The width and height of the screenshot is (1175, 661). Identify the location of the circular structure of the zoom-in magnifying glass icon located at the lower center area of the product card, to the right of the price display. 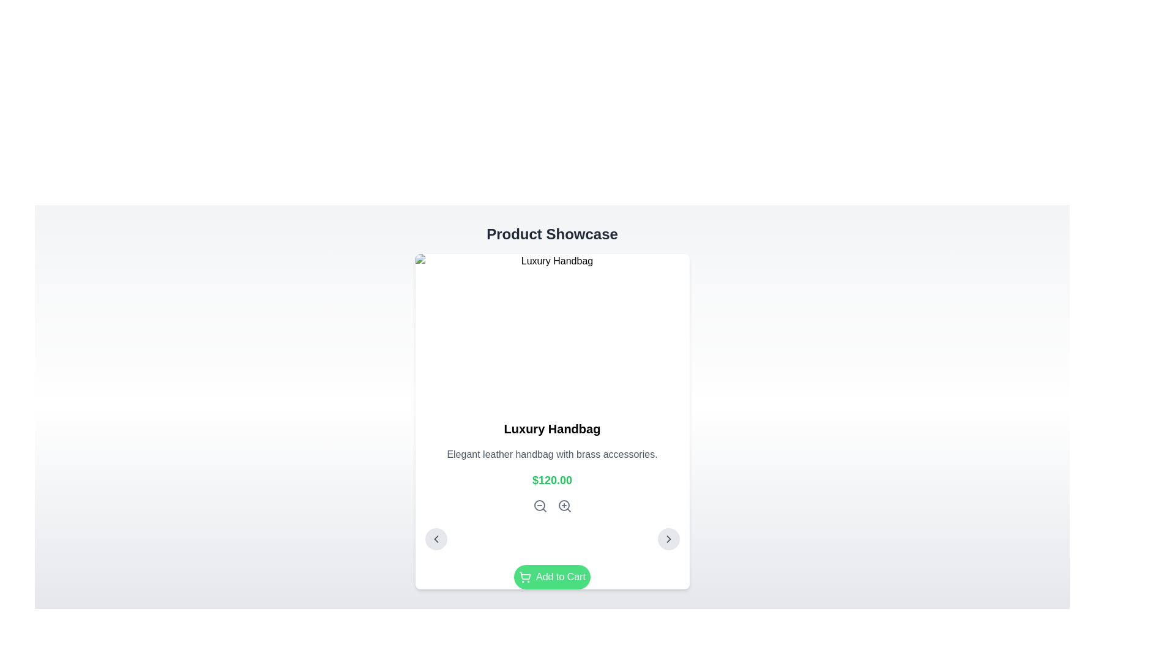
(563, 505).